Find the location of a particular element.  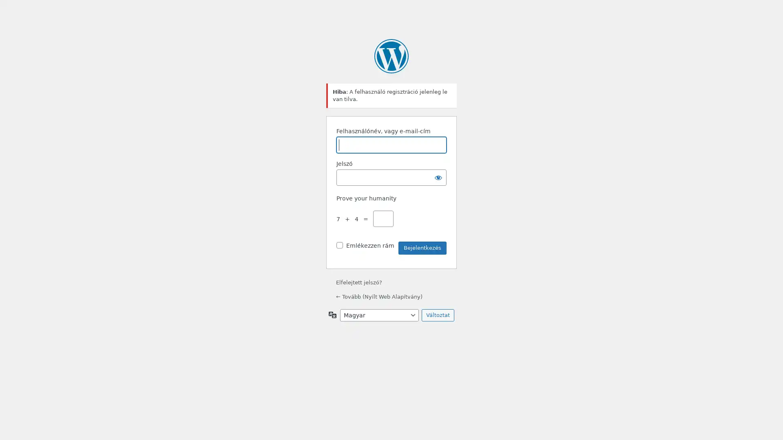

Valtoztat is located at coordinates (438, 314).